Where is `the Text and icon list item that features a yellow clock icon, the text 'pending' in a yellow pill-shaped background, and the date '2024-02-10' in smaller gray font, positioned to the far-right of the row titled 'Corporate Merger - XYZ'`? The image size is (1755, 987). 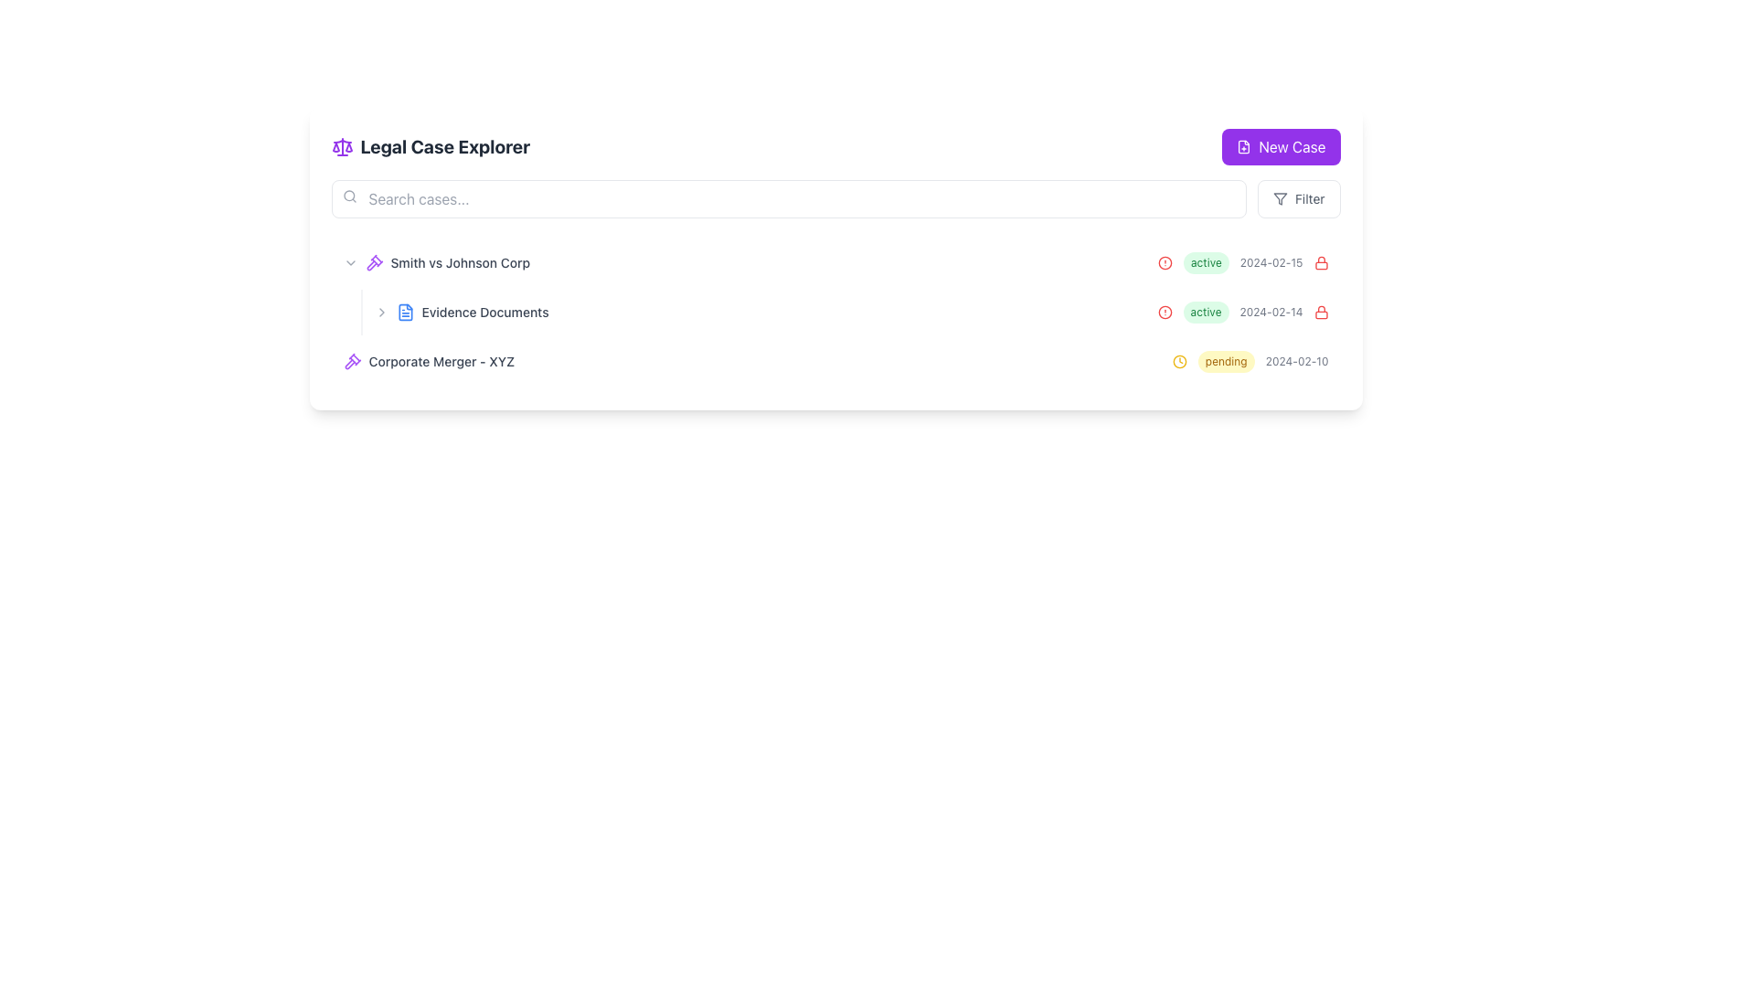
the Text and icon list item that features a yellow clock icon, the text 'pending' in a yellow pill-shaped background, and the date '2024-02-10' in smaller gray font, positioned to the far-right of the row titled 'Corporate Merger - XYZ' is located at coordinates (1250, 362).